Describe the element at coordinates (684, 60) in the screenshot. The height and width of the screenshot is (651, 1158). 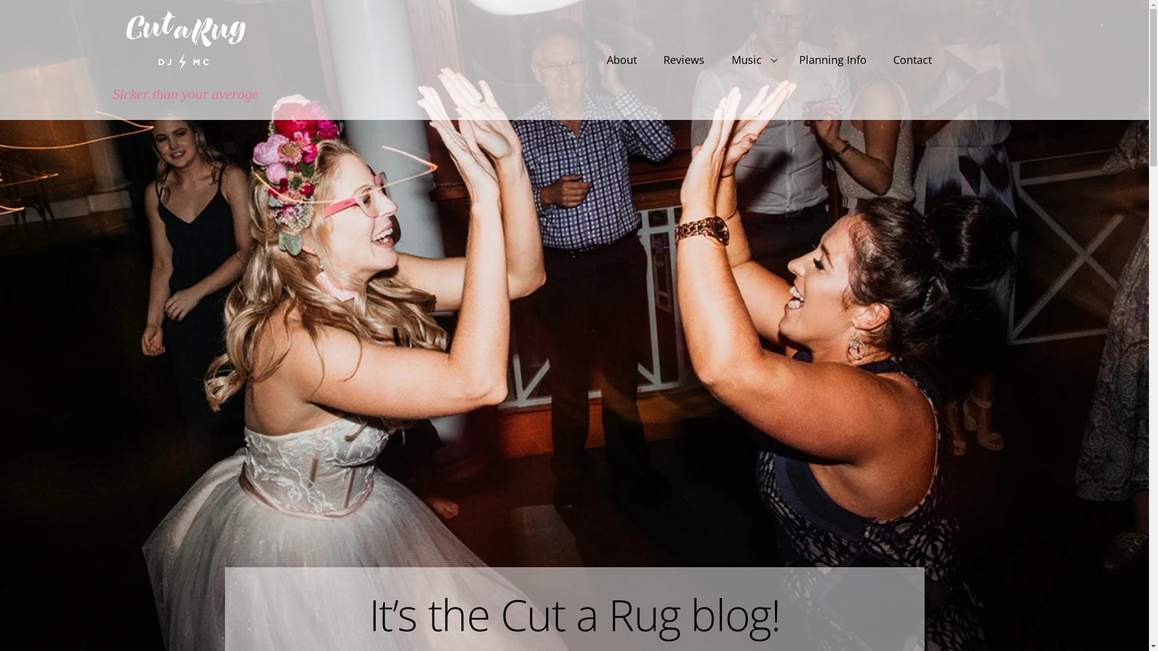
I see `'Reviews'` at that location.